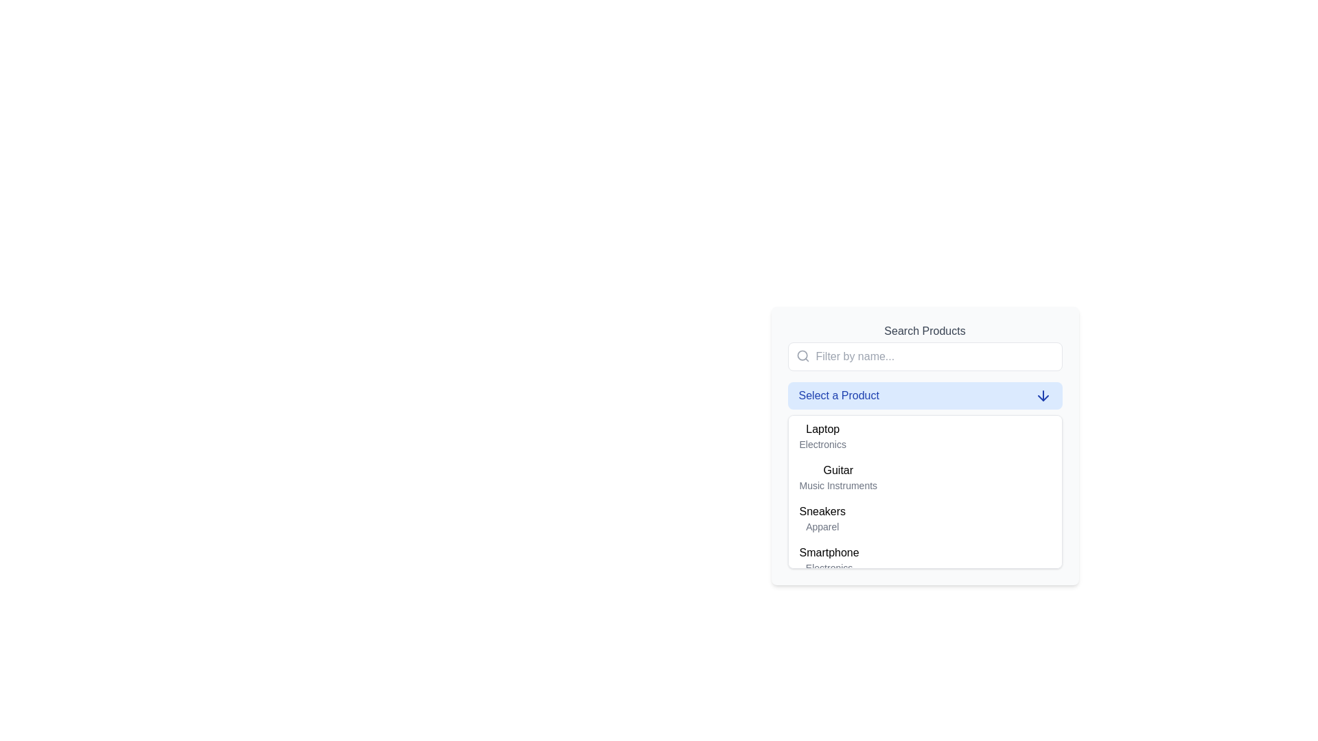 This screenshot has width=1318, height=741. Describe the element at coordinates (837, 476) in the screenshot. I see `the second entry in the list under 'Select a Product' which displays 'Guitar' in bold black and 'Music Instruments' in smaller gray text` at that location.